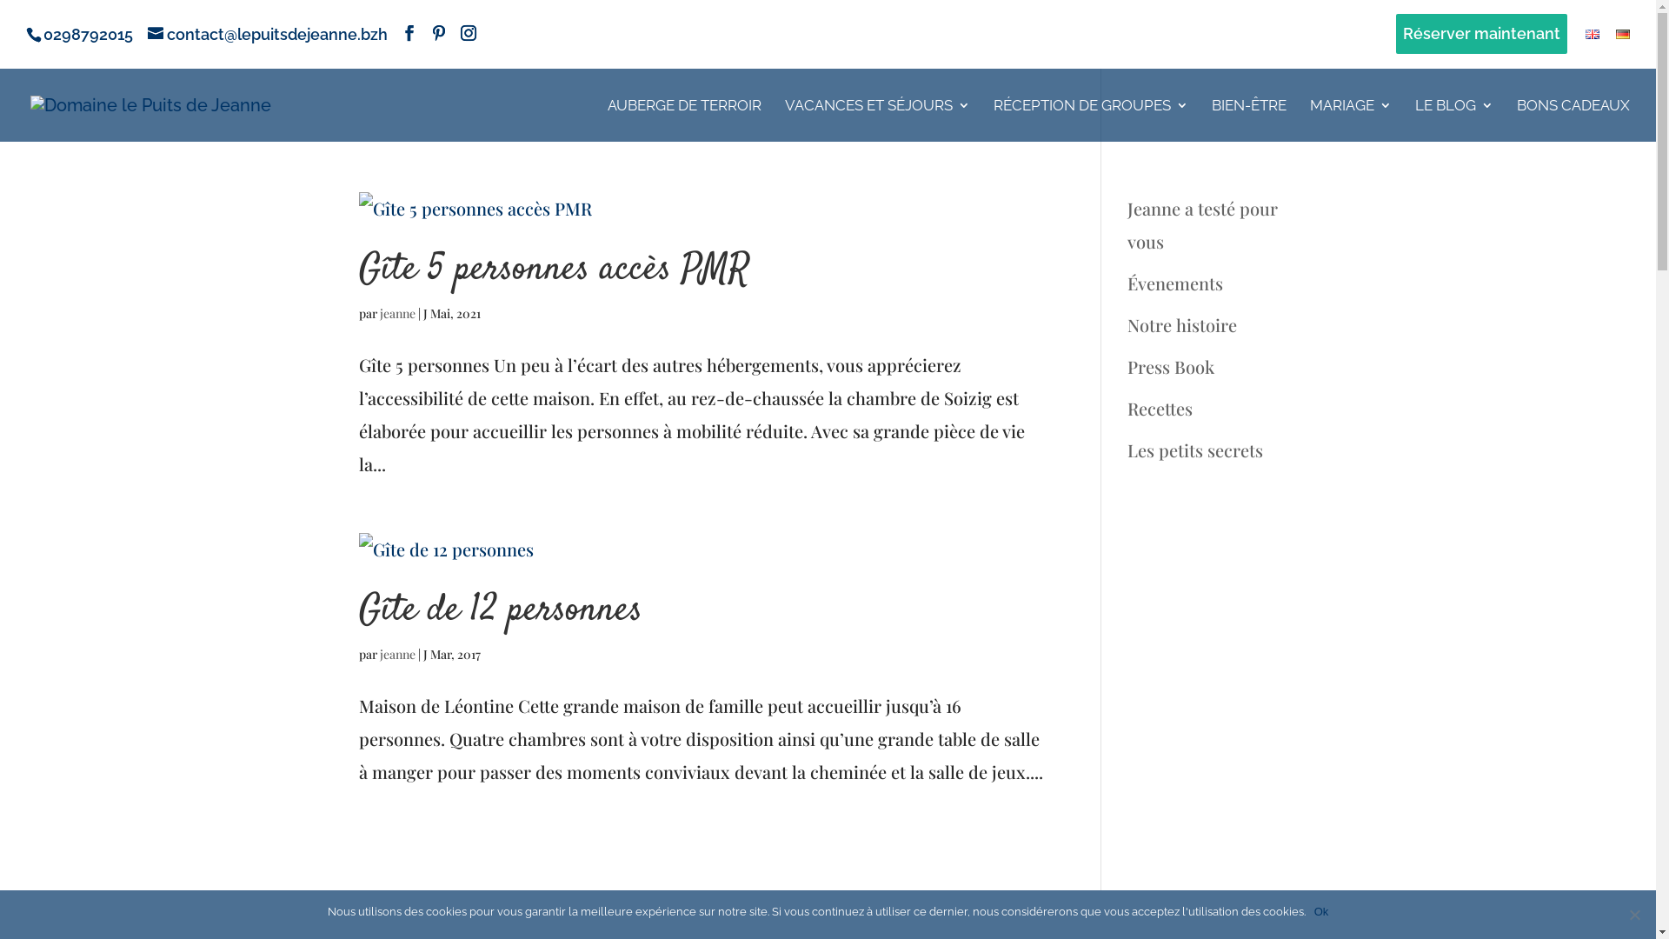  What do you see at coordinates (1625, 914) in the screenshot?
I see `'Non'` at bounding box center [1625, 914].